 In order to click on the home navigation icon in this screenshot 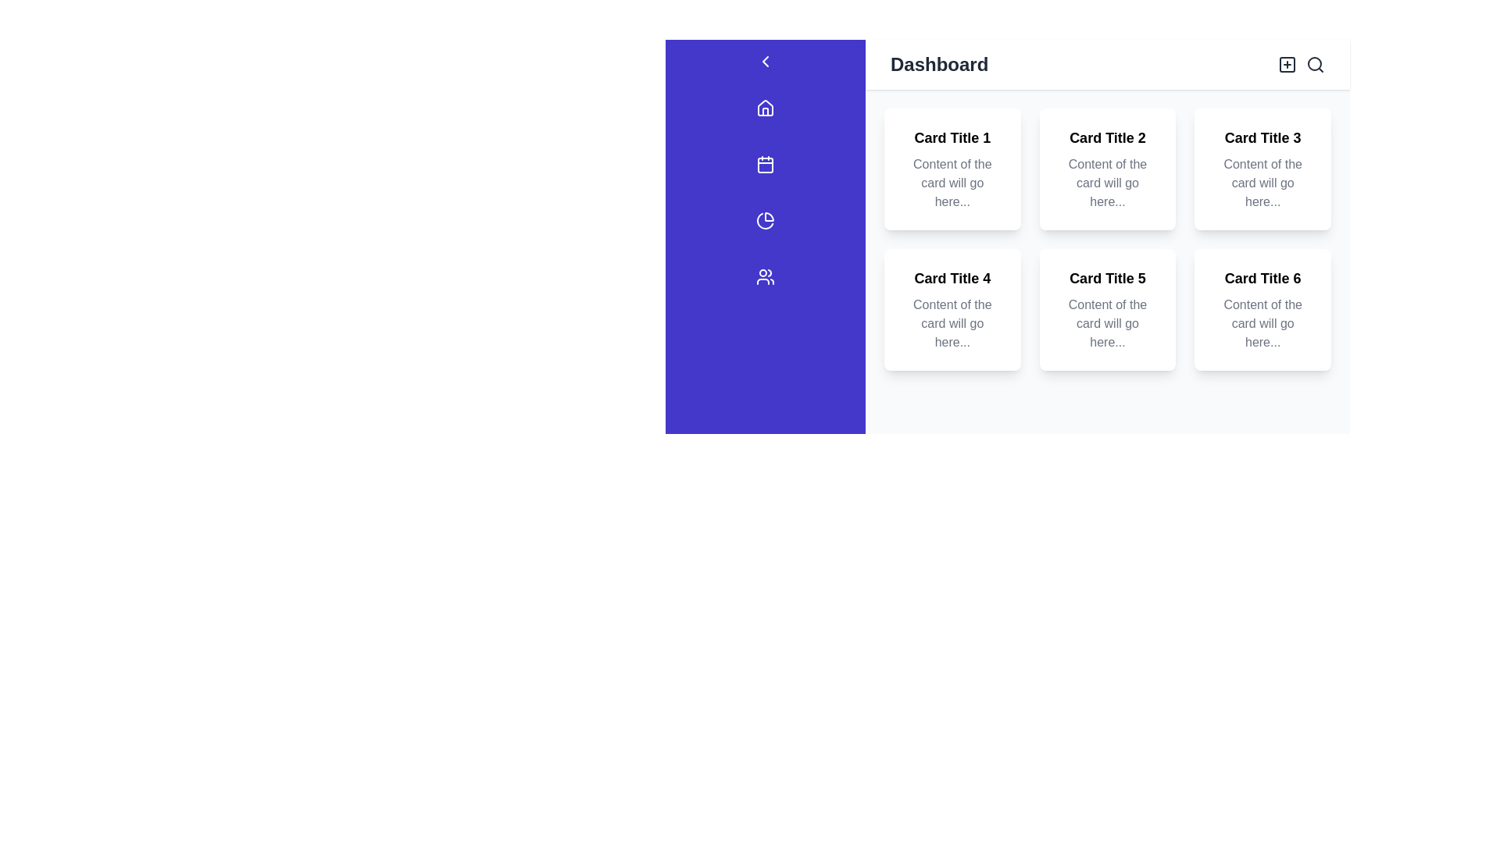, I will do `click(765, 111)`.